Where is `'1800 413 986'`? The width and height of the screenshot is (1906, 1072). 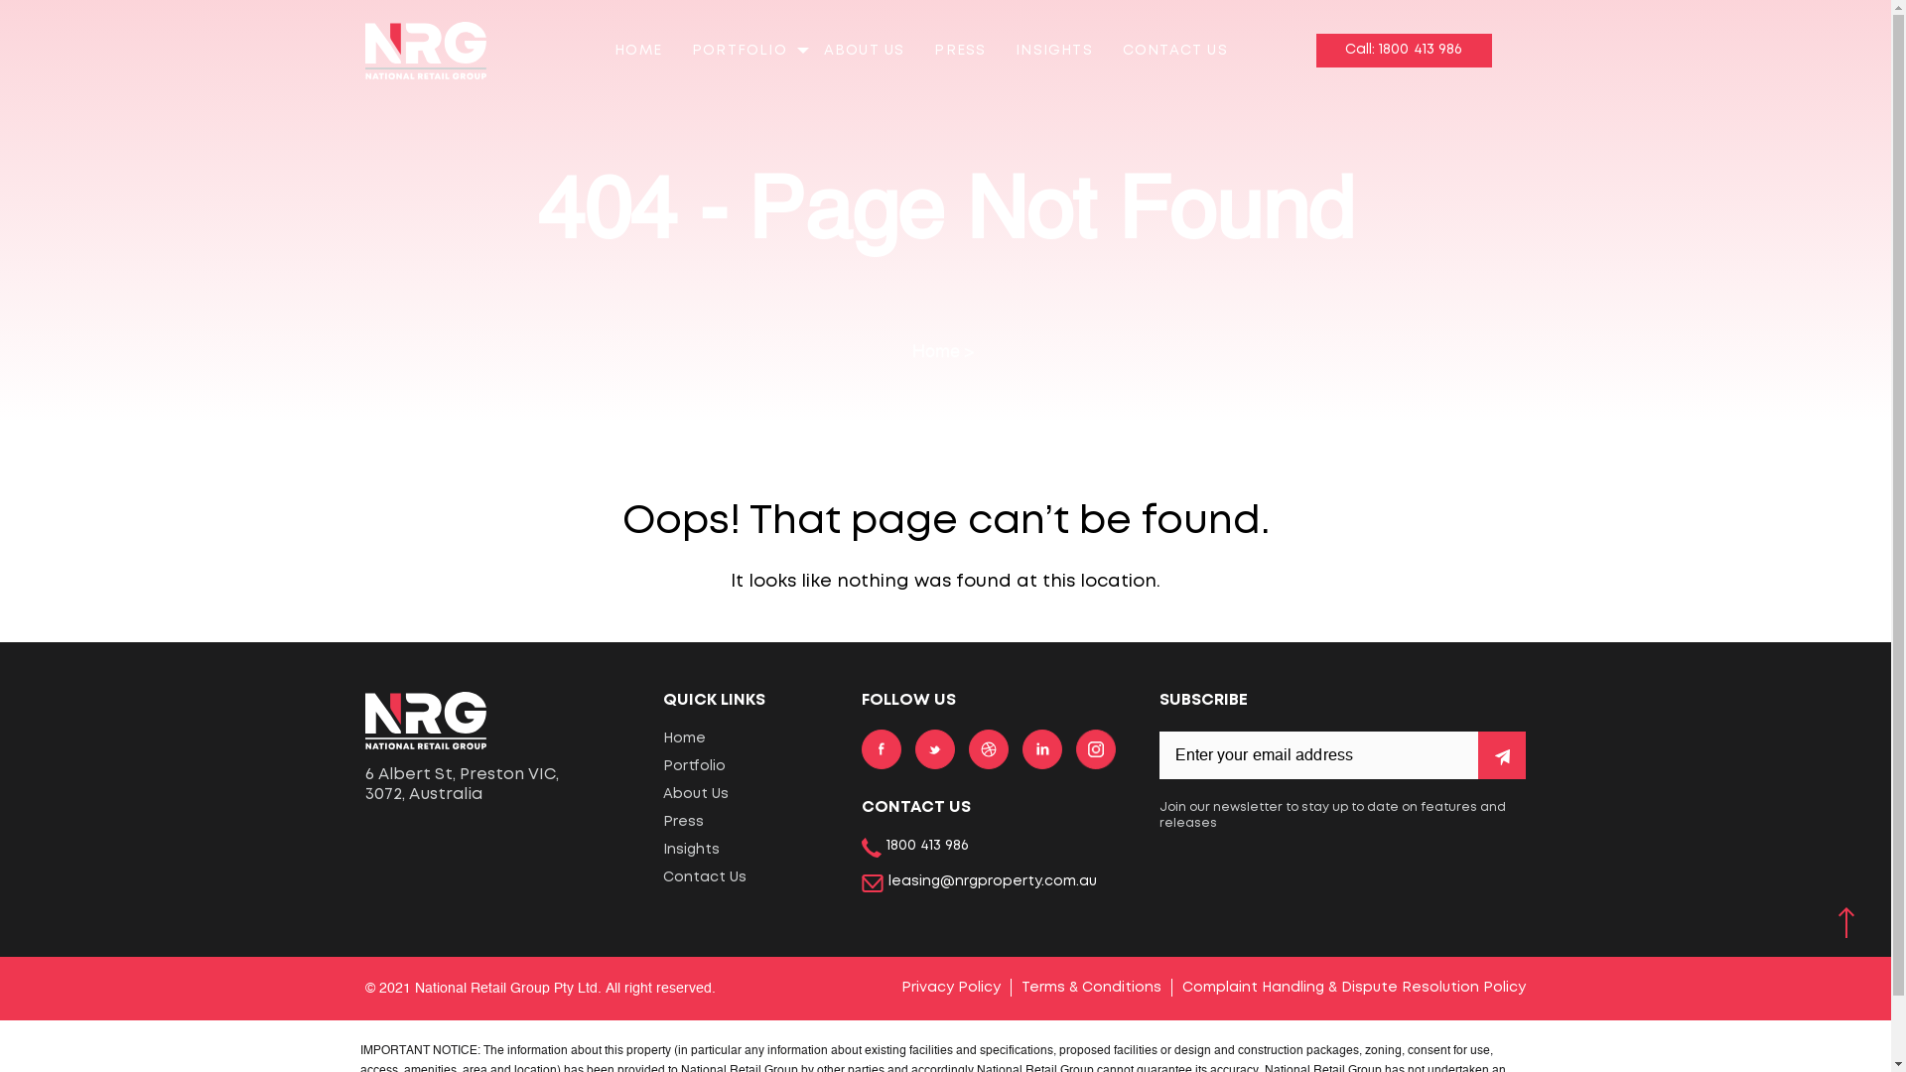
'1800 413 986' is located at coordinates (862, 847).